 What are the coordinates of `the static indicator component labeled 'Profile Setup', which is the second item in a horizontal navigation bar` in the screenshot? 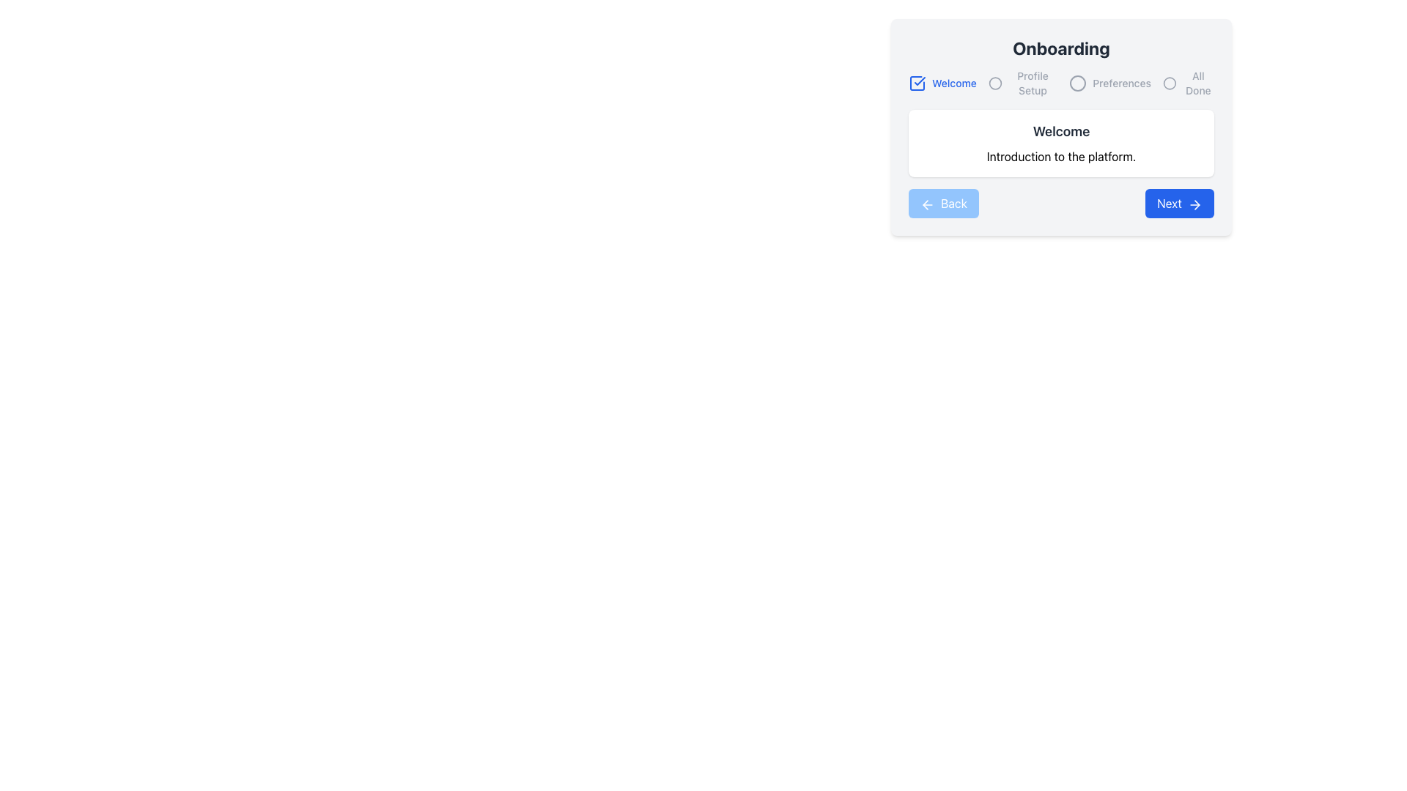 It's located at (1022, 83).